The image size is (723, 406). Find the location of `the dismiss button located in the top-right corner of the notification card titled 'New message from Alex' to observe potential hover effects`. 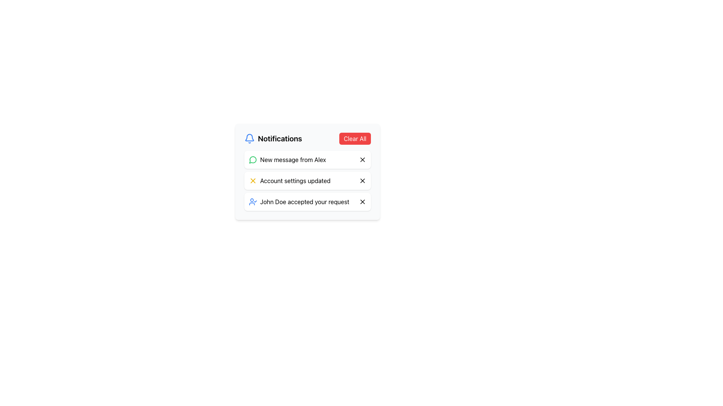

the dismiss button located in the top-right corner of the notification card titled 'New message from Alex' to observe potential hover effects is located at coordinates (363, 159).